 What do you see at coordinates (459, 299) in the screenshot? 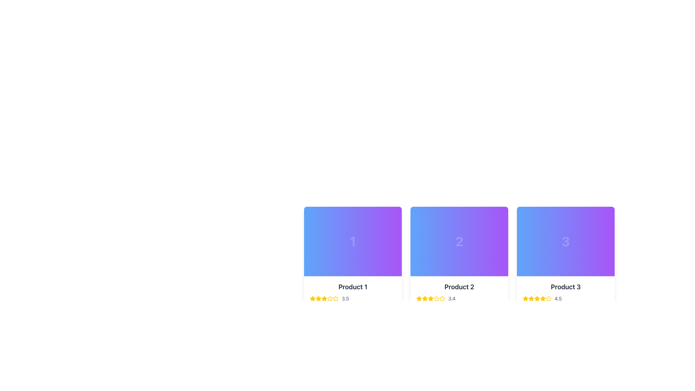
I see `the product display panel located in the middle of the row of three cards` at bounding box center [459, 299].